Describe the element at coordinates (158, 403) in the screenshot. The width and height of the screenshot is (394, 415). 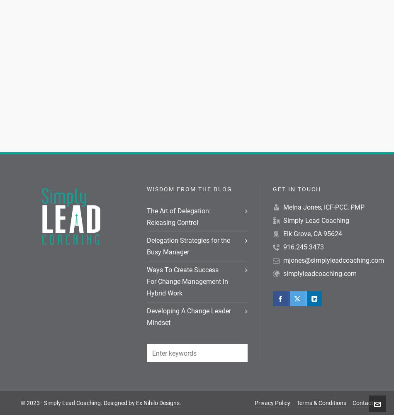
I see `'Ex Nihilo Designs.'` at that location.